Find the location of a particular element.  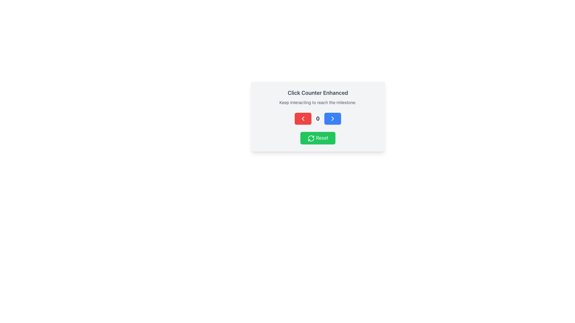

the right-pointing chevron icon, which is located at the center of the blue button in the interface, indicating navigation is located at coordinates (332, 119).